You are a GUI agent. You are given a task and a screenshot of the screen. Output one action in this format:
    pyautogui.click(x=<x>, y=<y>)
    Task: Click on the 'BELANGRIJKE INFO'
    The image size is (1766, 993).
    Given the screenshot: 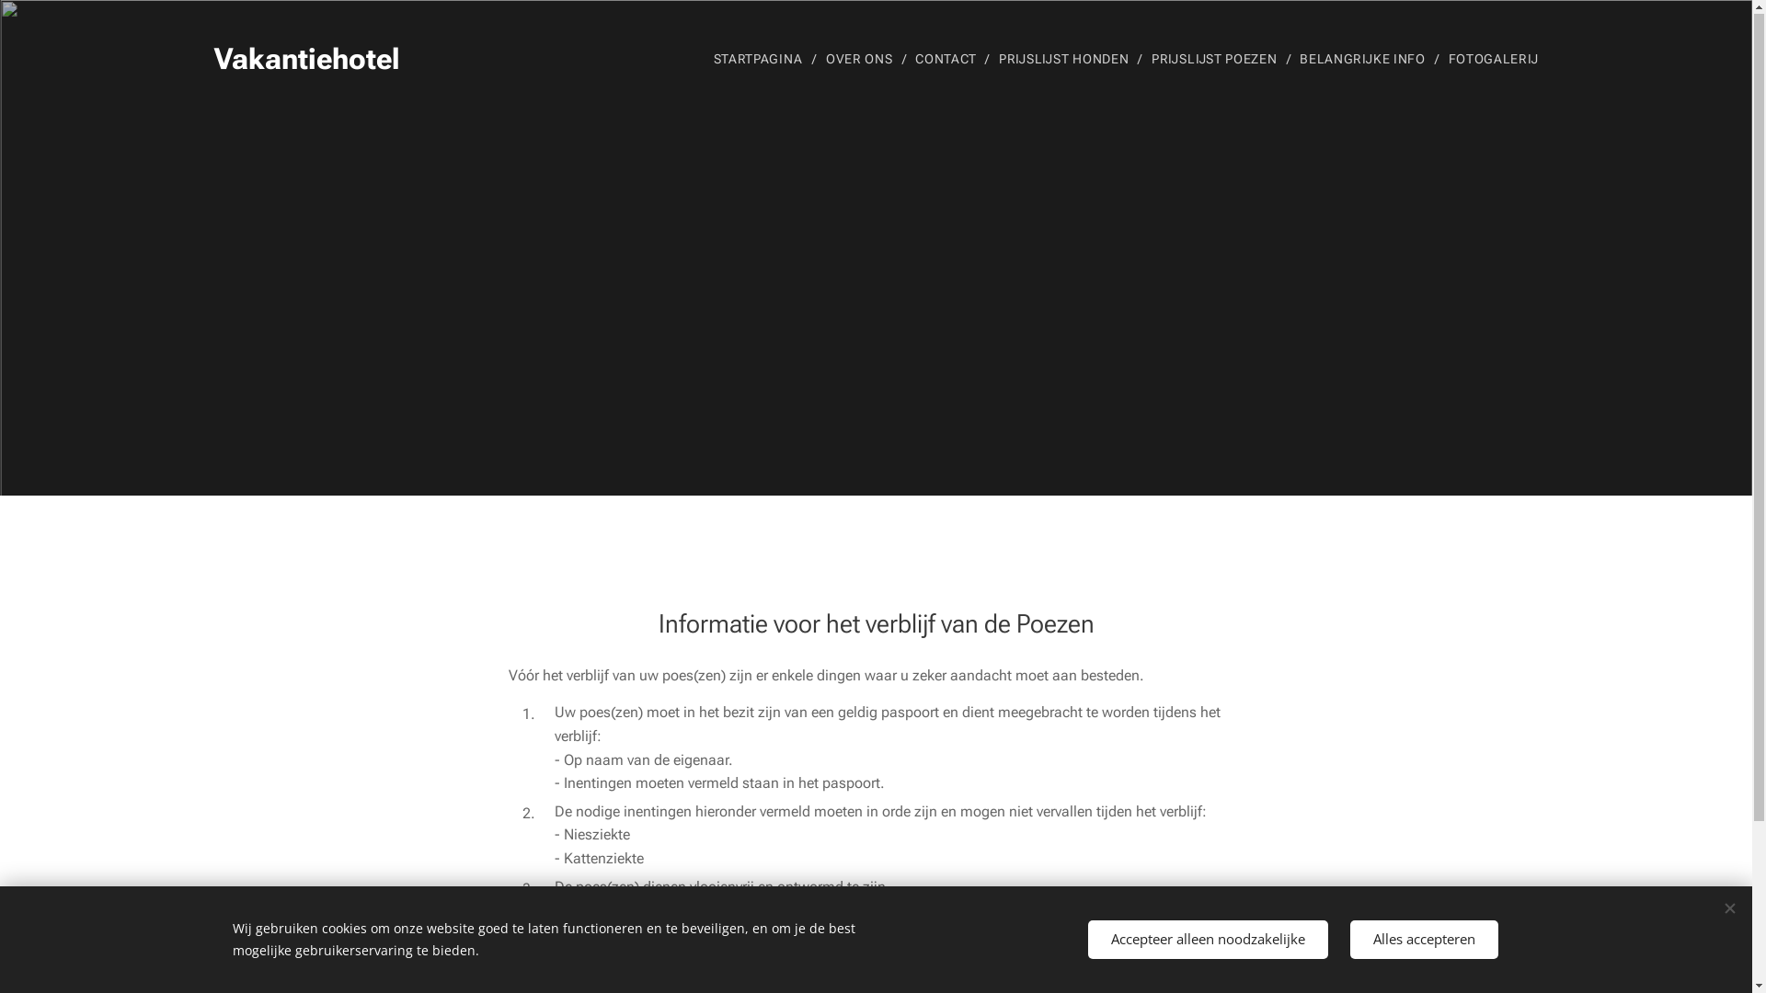 What is the action you would take?
    pyautogui.click(x=1364, y=59)
    